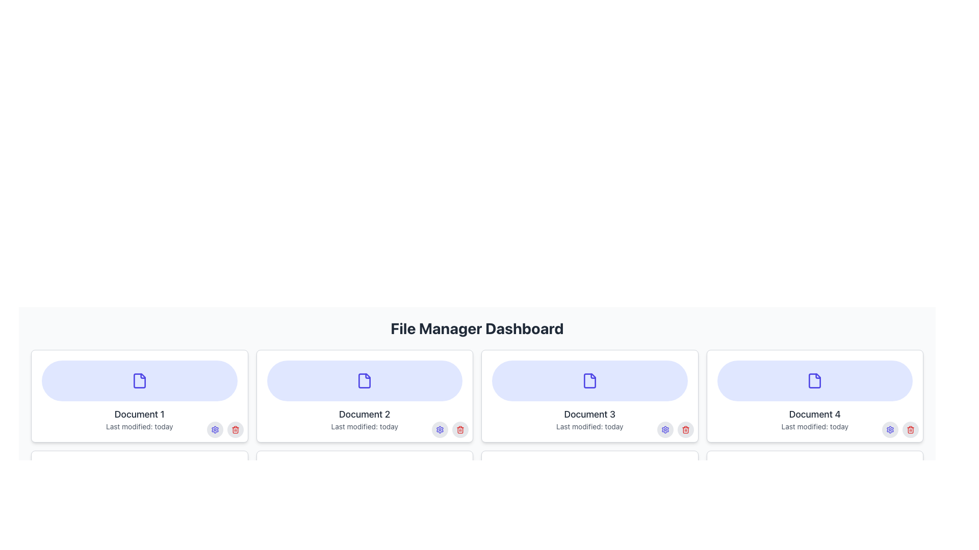  What do you see at coordinates (459, 530) in the screenshot?
I see `the deletion button located in the second document card of the dashboard, which is the rightmost button next to the settings button below the title 'Document 2'` at bounding box center [459, 530].